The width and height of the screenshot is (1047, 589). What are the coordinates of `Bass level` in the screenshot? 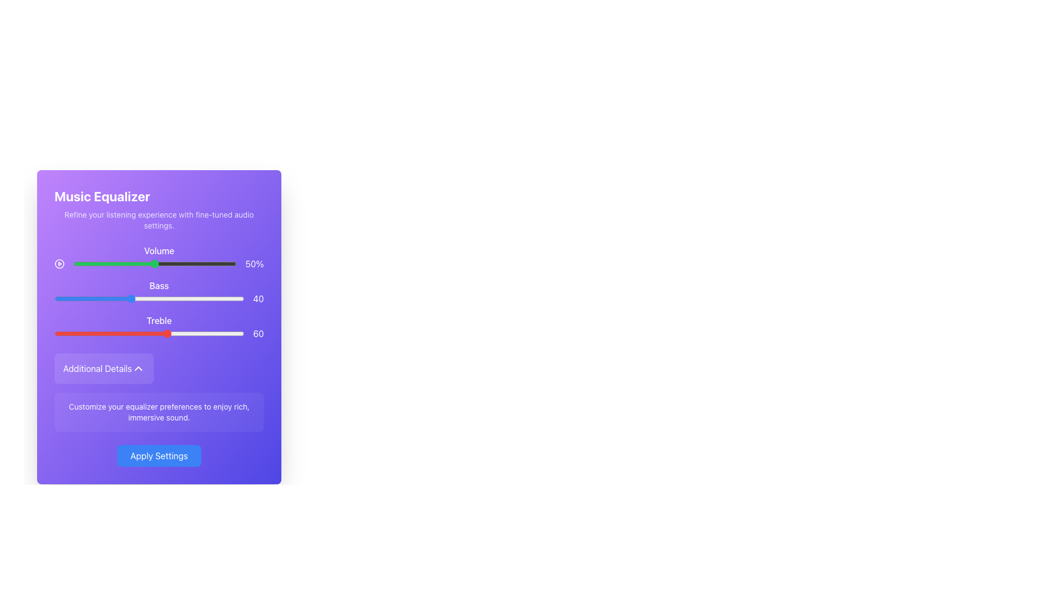 It's located at (187, 298).